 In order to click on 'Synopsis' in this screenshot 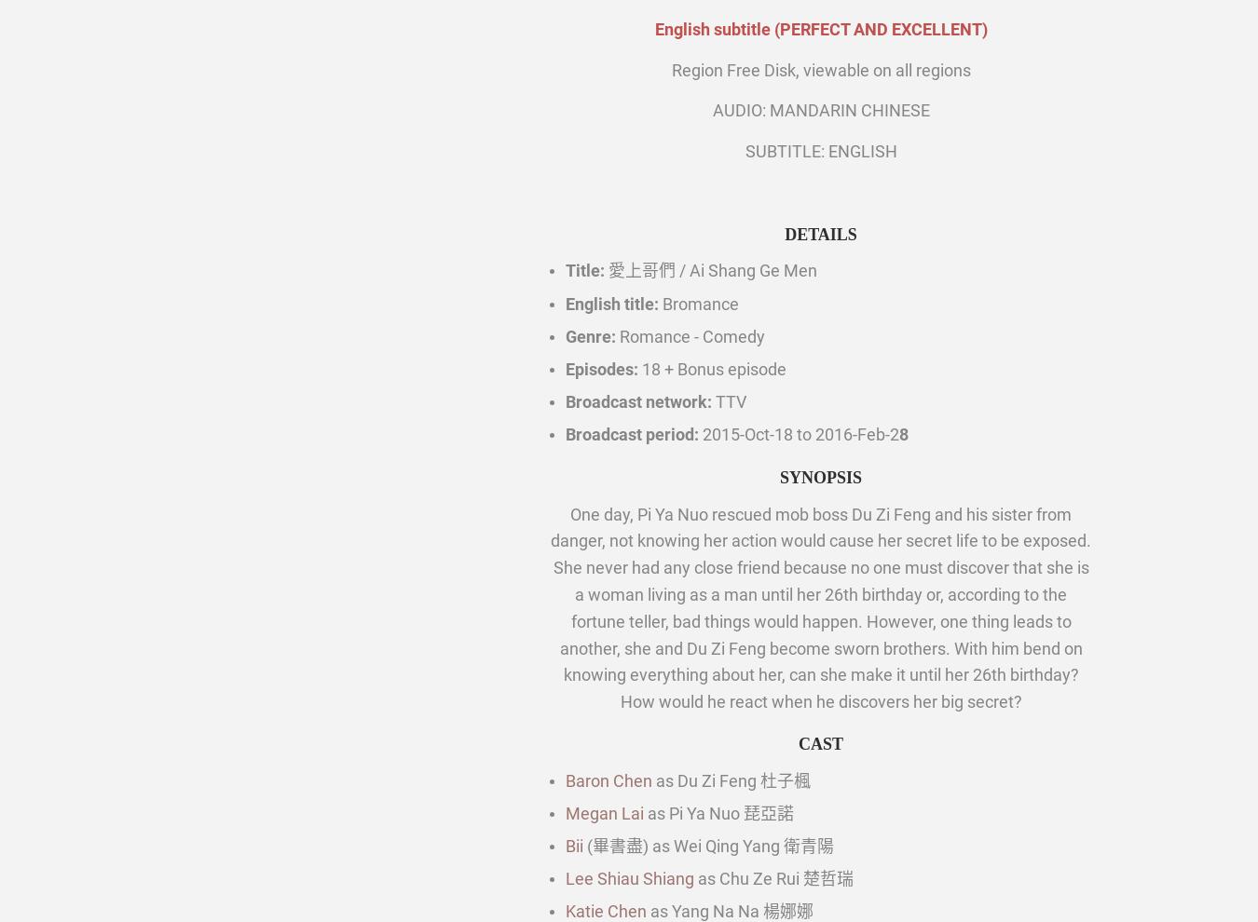, I will do `click(820, 477)`.